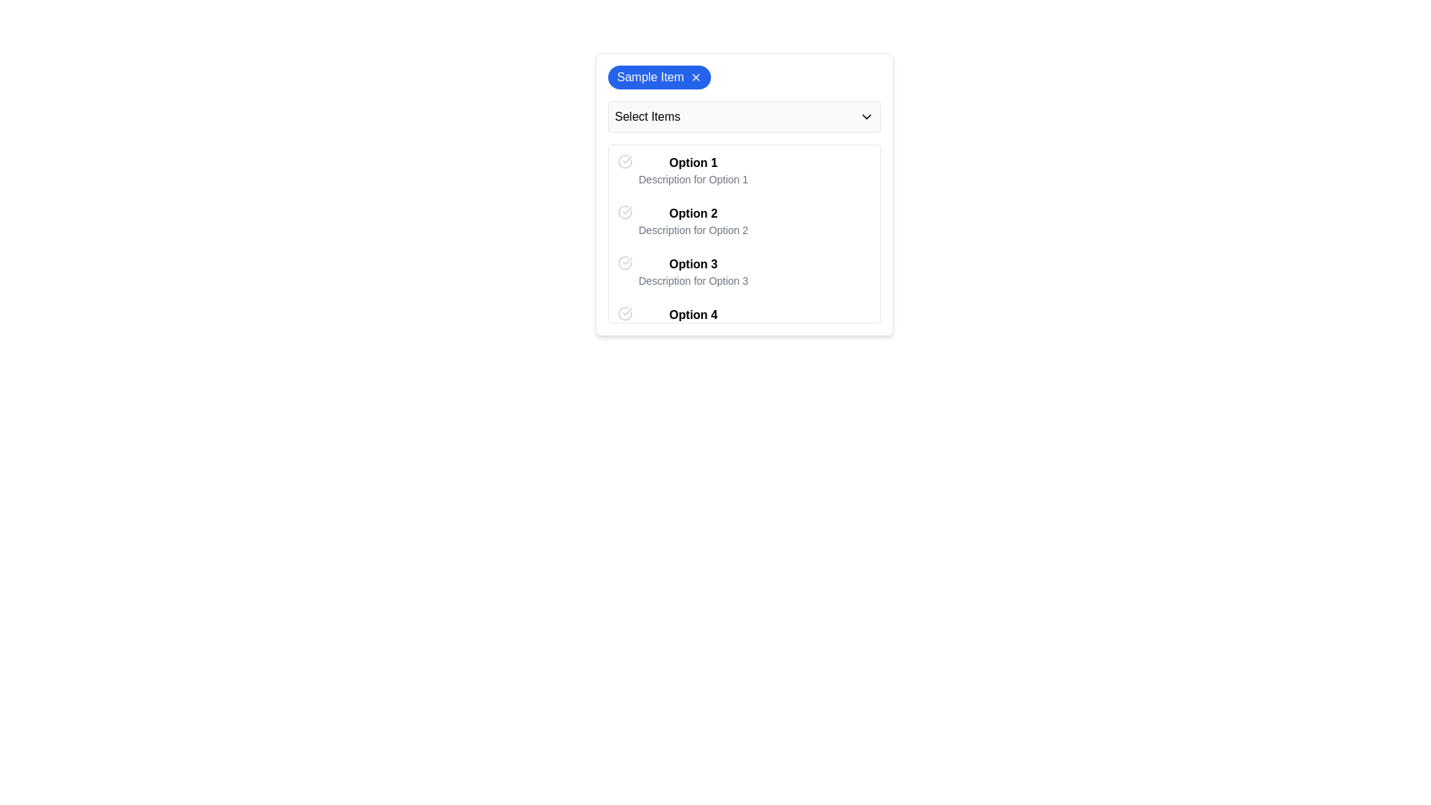 Image resolution: width=1431 pixels, height=805 pixels. I want to click on the selection icon for 'Option 2' located to the left of the text within the dropdown-style menu, so click(625, 212).